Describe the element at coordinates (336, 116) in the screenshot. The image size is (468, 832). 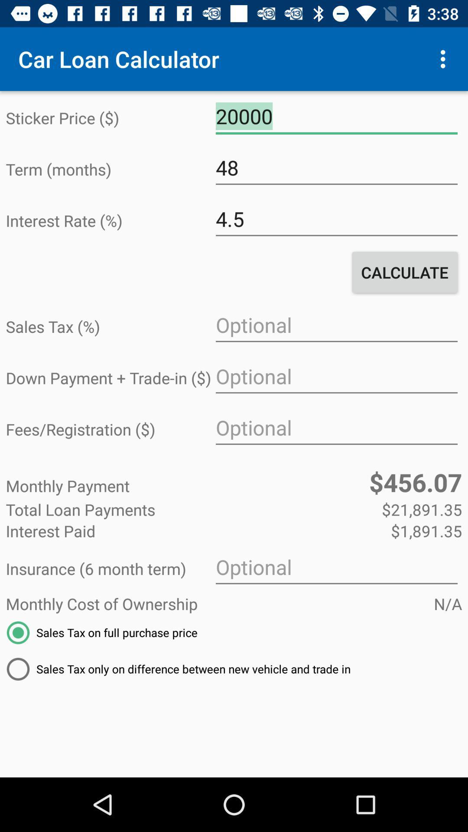
I see `the icon next to sticker price ($) icon` at that location.